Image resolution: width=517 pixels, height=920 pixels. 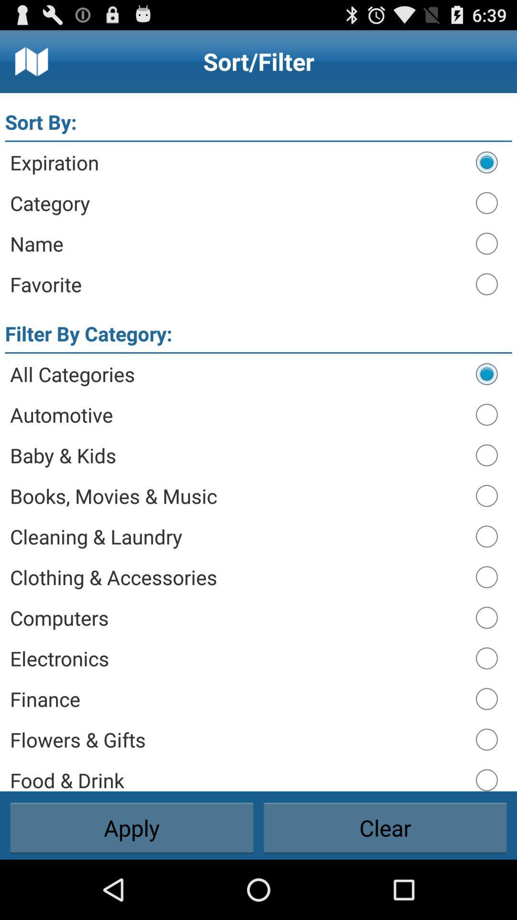 What do you see at coordinates (237, 739) in the screenshot?
I see `the icon below finance item` at bounding box center [237, 739].